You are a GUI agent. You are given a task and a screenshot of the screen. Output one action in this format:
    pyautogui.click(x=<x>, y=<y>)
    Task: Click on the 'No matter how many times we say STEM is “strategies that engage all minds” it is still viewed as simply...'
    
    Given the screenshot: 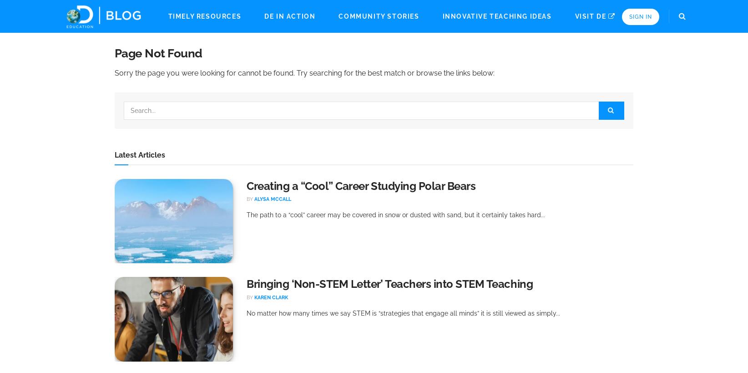 What is the action you would take?
    pyautogui.click(x=403, y=312)
    